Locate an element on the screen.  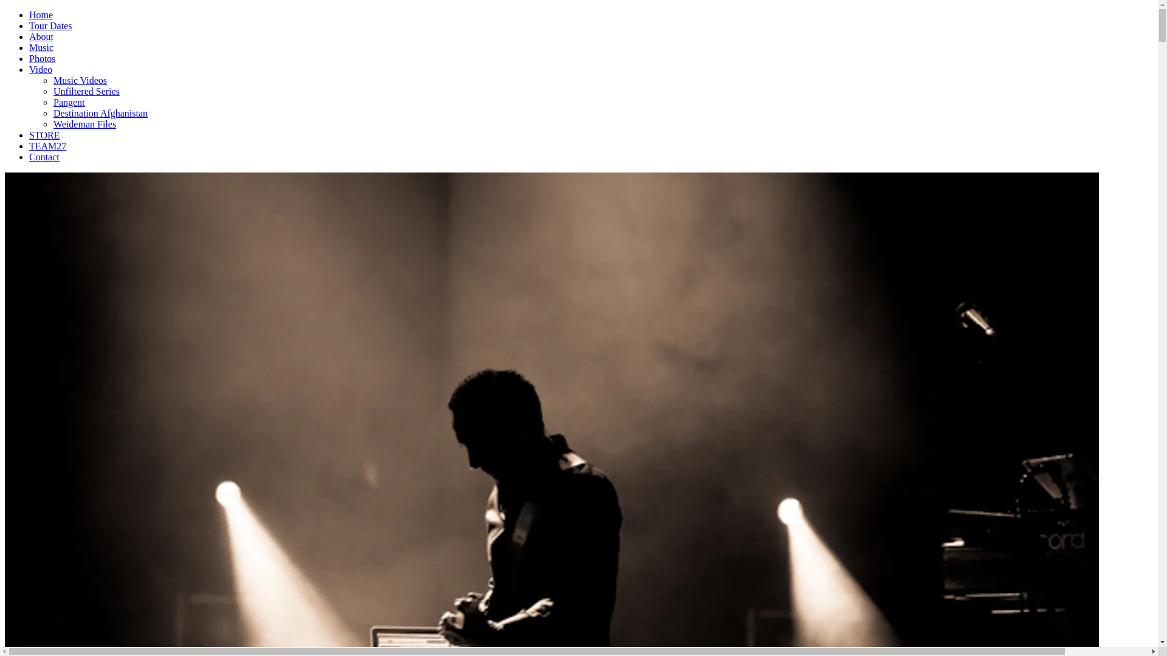
'TEAM27' is located at coordinates (47, 145).